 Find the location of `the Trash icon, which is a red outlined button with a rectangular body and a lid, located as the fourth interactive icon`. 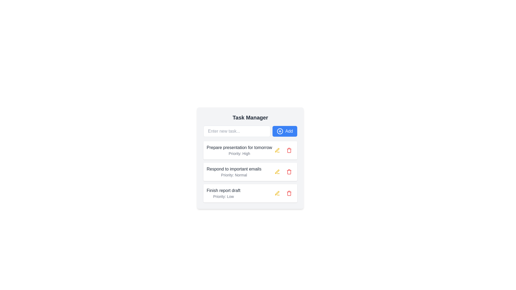

the Trash icon, which is a red outlined button with a rectangular body and a lid, located as the fourth interactive icon is located at coordinates (289, 172).